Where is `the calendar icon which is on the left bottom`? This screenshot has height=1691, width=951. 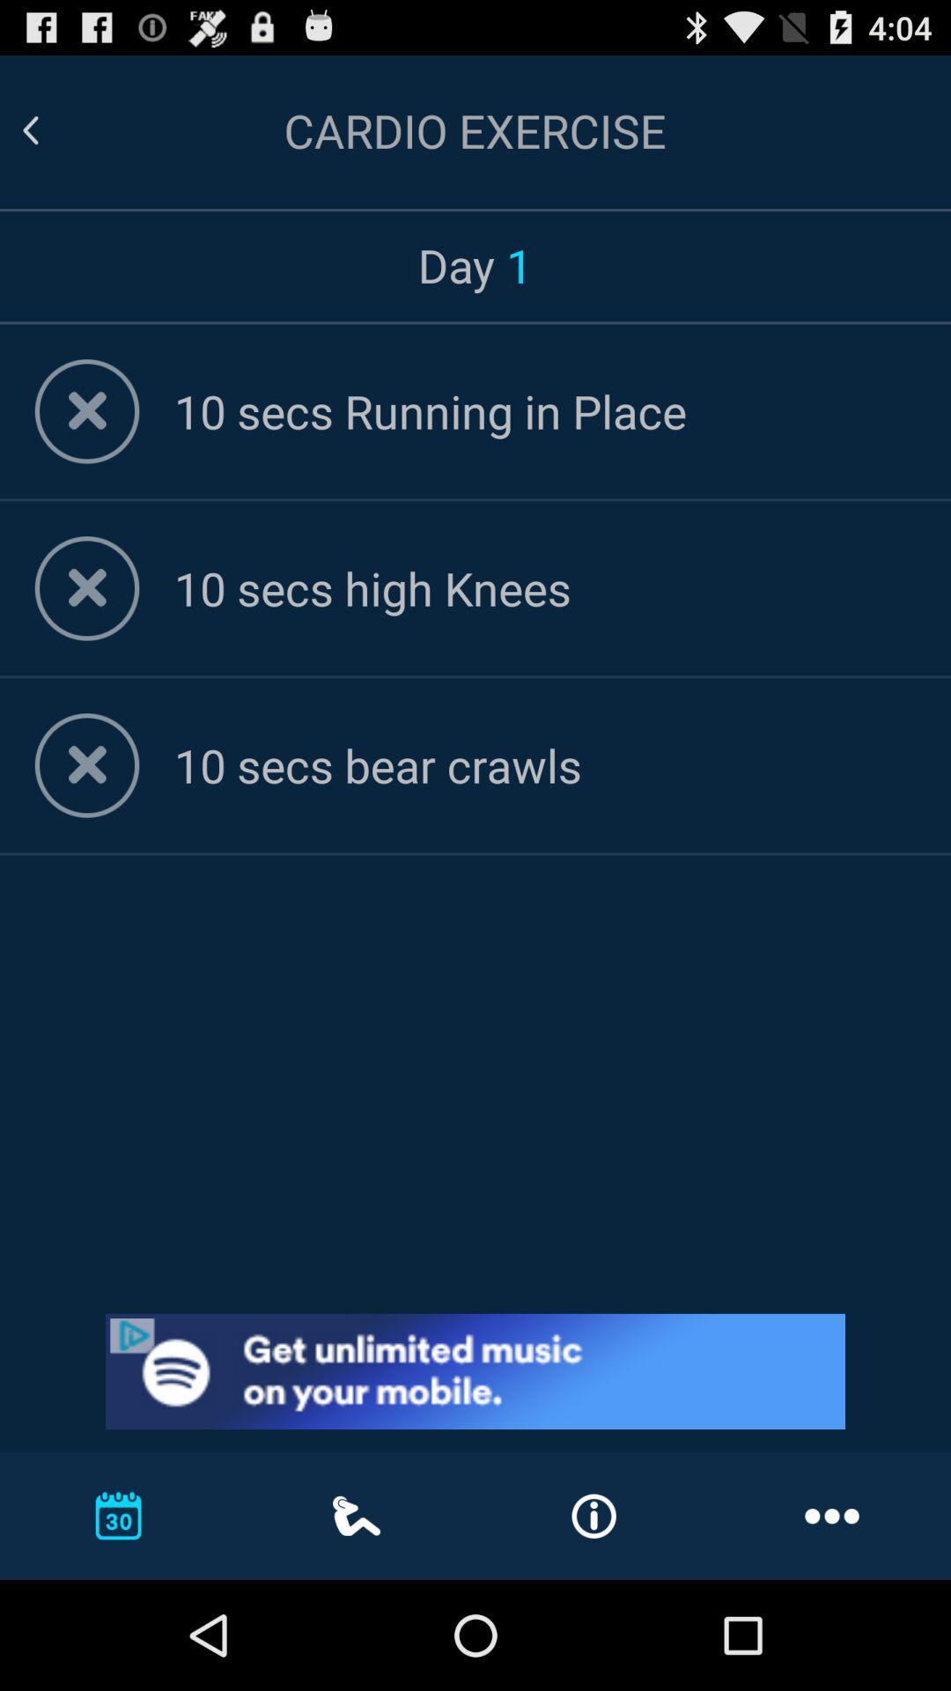 the calendar icon which is on the left bottom is located at coordinates (119, 1515).